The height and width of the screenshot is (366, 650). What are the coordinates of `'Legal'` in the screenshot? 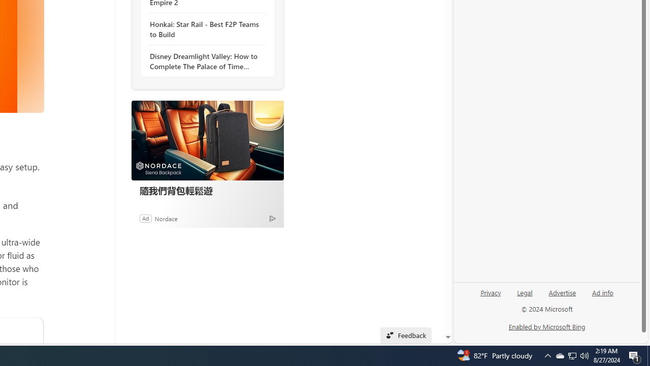 It's located at (525, 296).